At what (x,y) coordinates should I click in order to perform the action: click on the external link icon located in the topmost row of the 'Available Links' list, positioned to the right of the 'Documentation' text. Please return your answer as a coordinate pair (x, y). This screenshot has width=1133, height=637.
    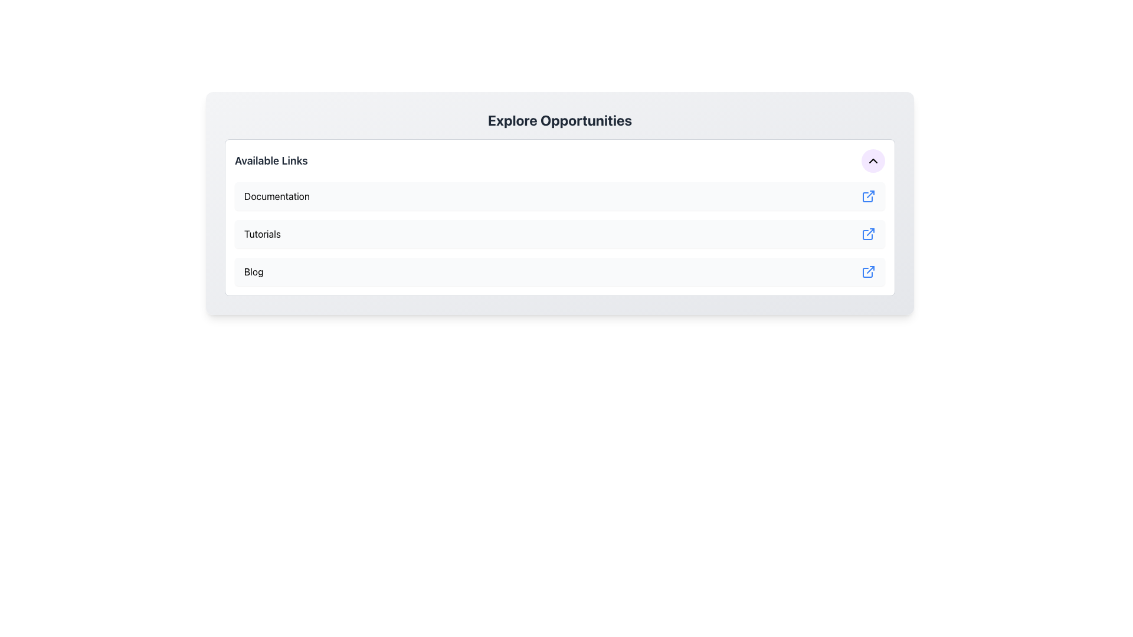
    Looking at the image, I should click on (869, 195).